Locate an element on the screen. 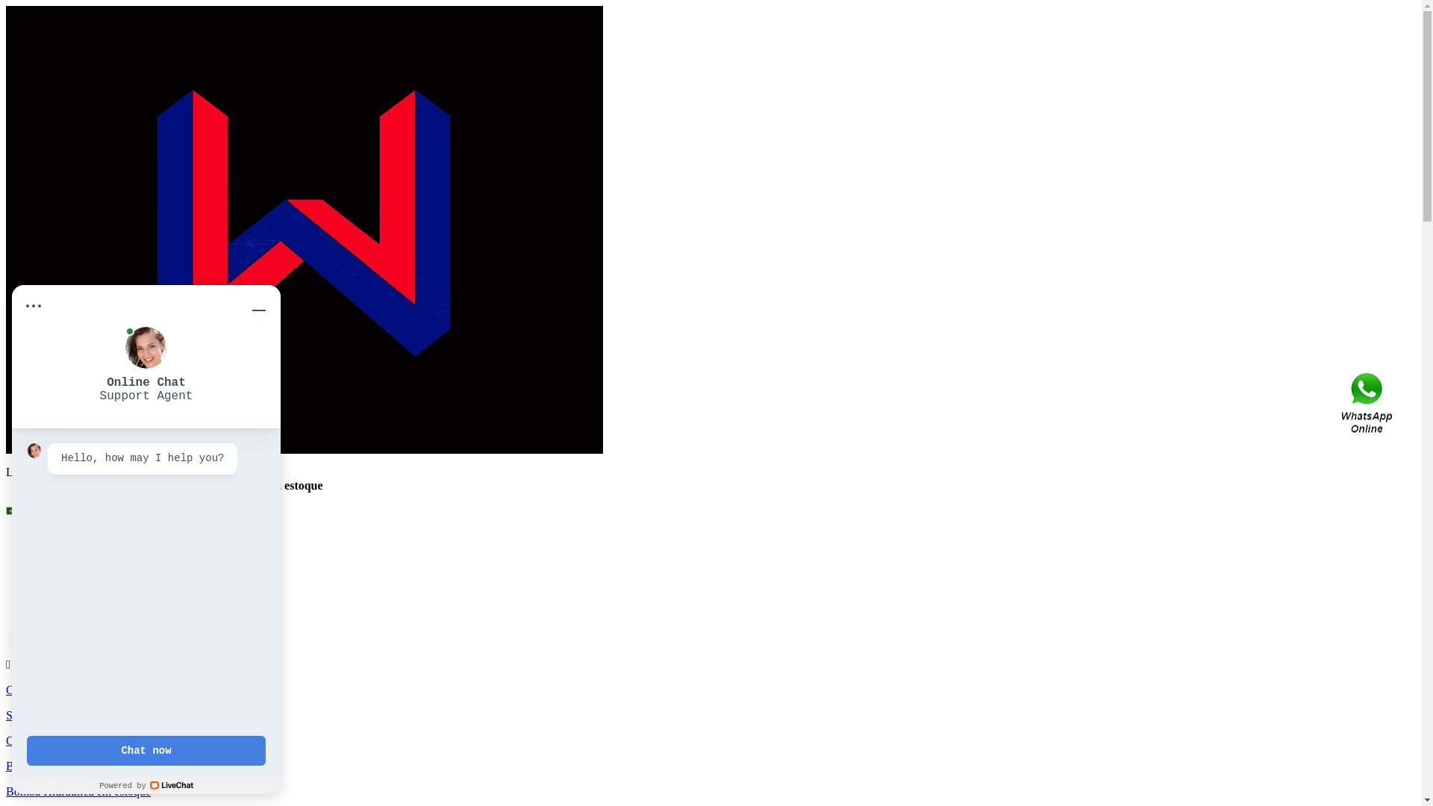  'Contact Us' is located at coordinates (1340, 403).